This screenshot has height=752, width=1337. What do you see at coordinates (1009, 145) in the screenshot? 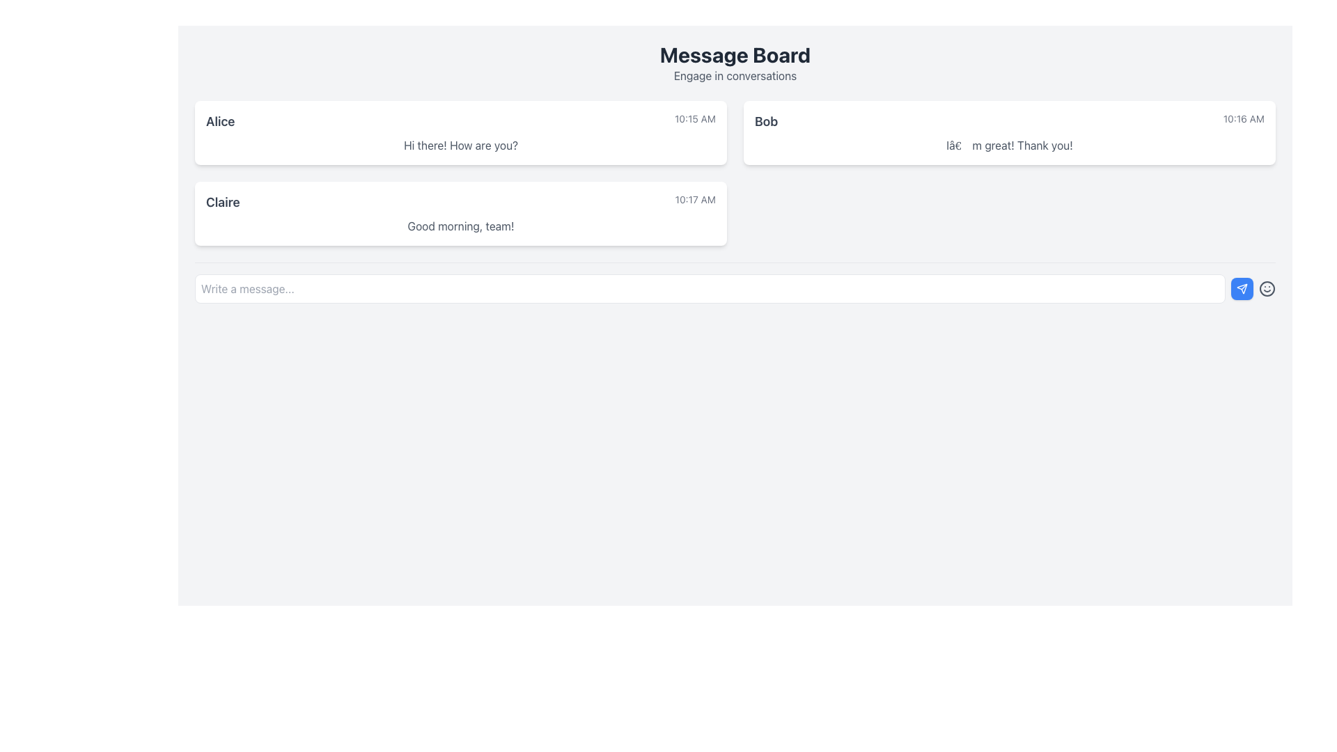
I see `the static text element that displays a message from the user "Bob" in the chat bubble, located below the header with the timestamp "10:16 AM"` at bounding box center [1009, 145].